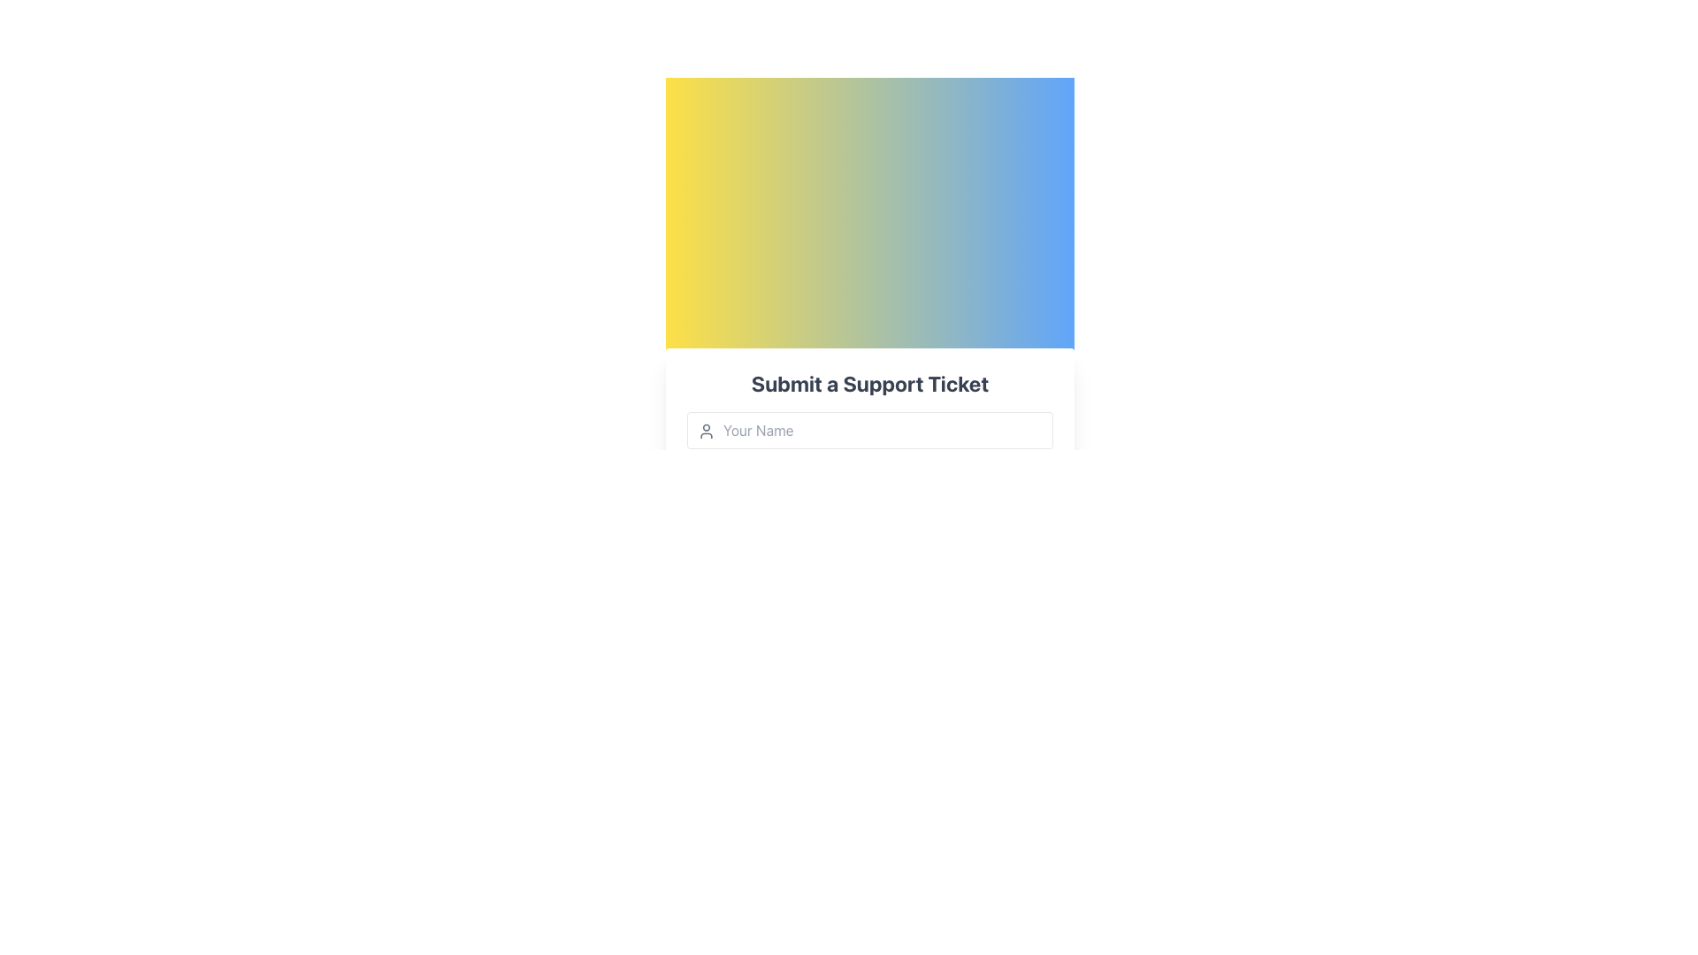 This screenshot has height=955, width=1698. I want to click on the user-related context SVG icon located to the left of the 'Your Name' input field by moving the cursor to its center point, so click(705, 432).